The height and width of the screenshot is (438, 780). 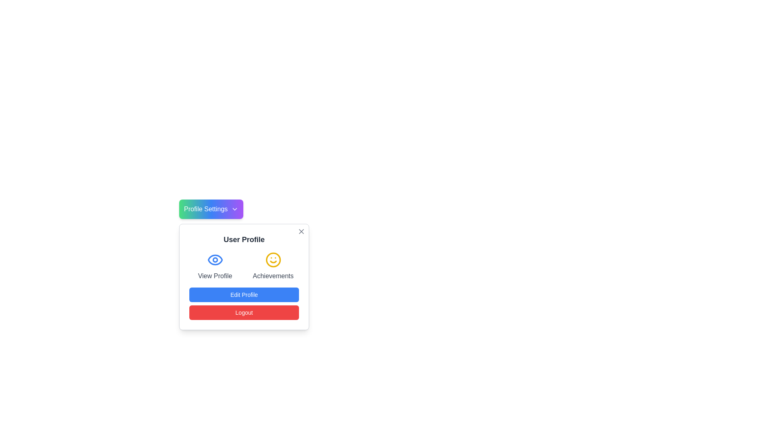 I want to click on the eye icon in the 'User Profile' section, which is positioned above the 'View Profile' text in a pop-up dialog box, so click(x=215, y=260).